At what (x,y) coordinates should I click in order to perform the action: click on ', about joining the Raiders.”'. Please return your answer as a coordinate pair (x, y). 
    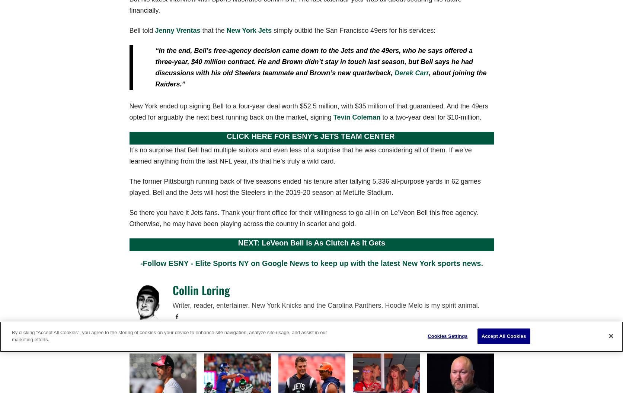
    Looking at the image, I should click on (320, 78).